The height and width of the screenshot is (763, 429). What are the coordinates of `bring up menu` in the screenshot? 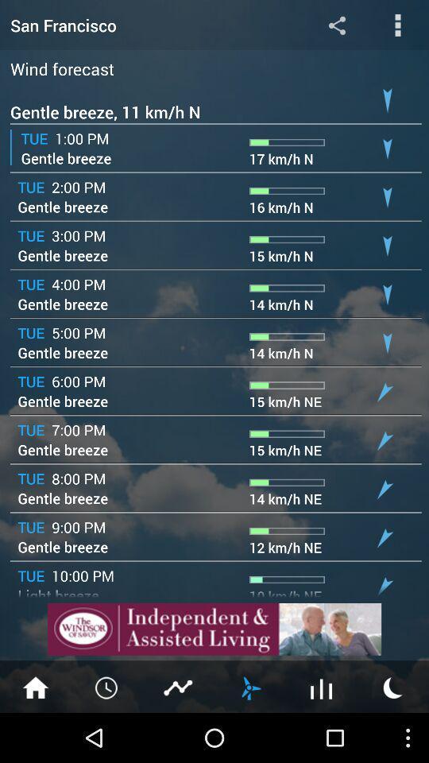 It's located at (397, 24).